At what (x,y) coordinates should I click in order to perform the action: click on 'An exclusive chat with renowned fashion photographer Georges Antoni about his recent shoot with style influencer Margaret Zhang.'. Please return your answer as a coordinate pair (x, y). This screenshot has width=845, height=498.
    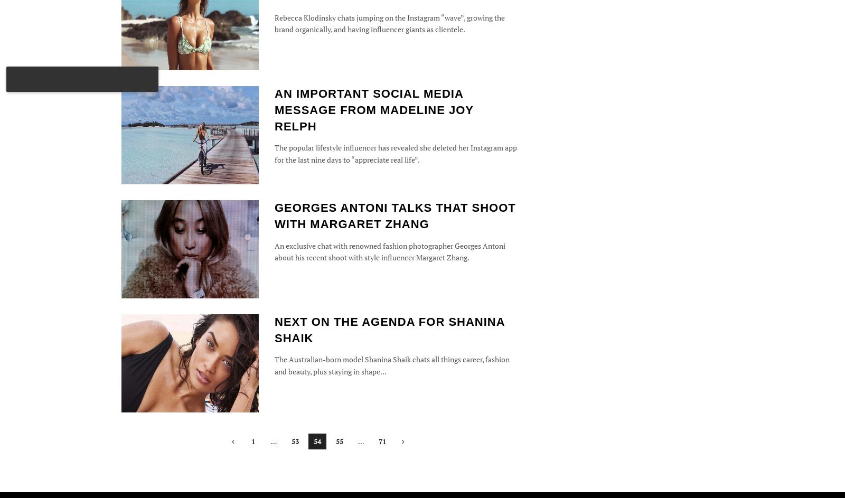
    Looking at the image, I should click on (390, 250).